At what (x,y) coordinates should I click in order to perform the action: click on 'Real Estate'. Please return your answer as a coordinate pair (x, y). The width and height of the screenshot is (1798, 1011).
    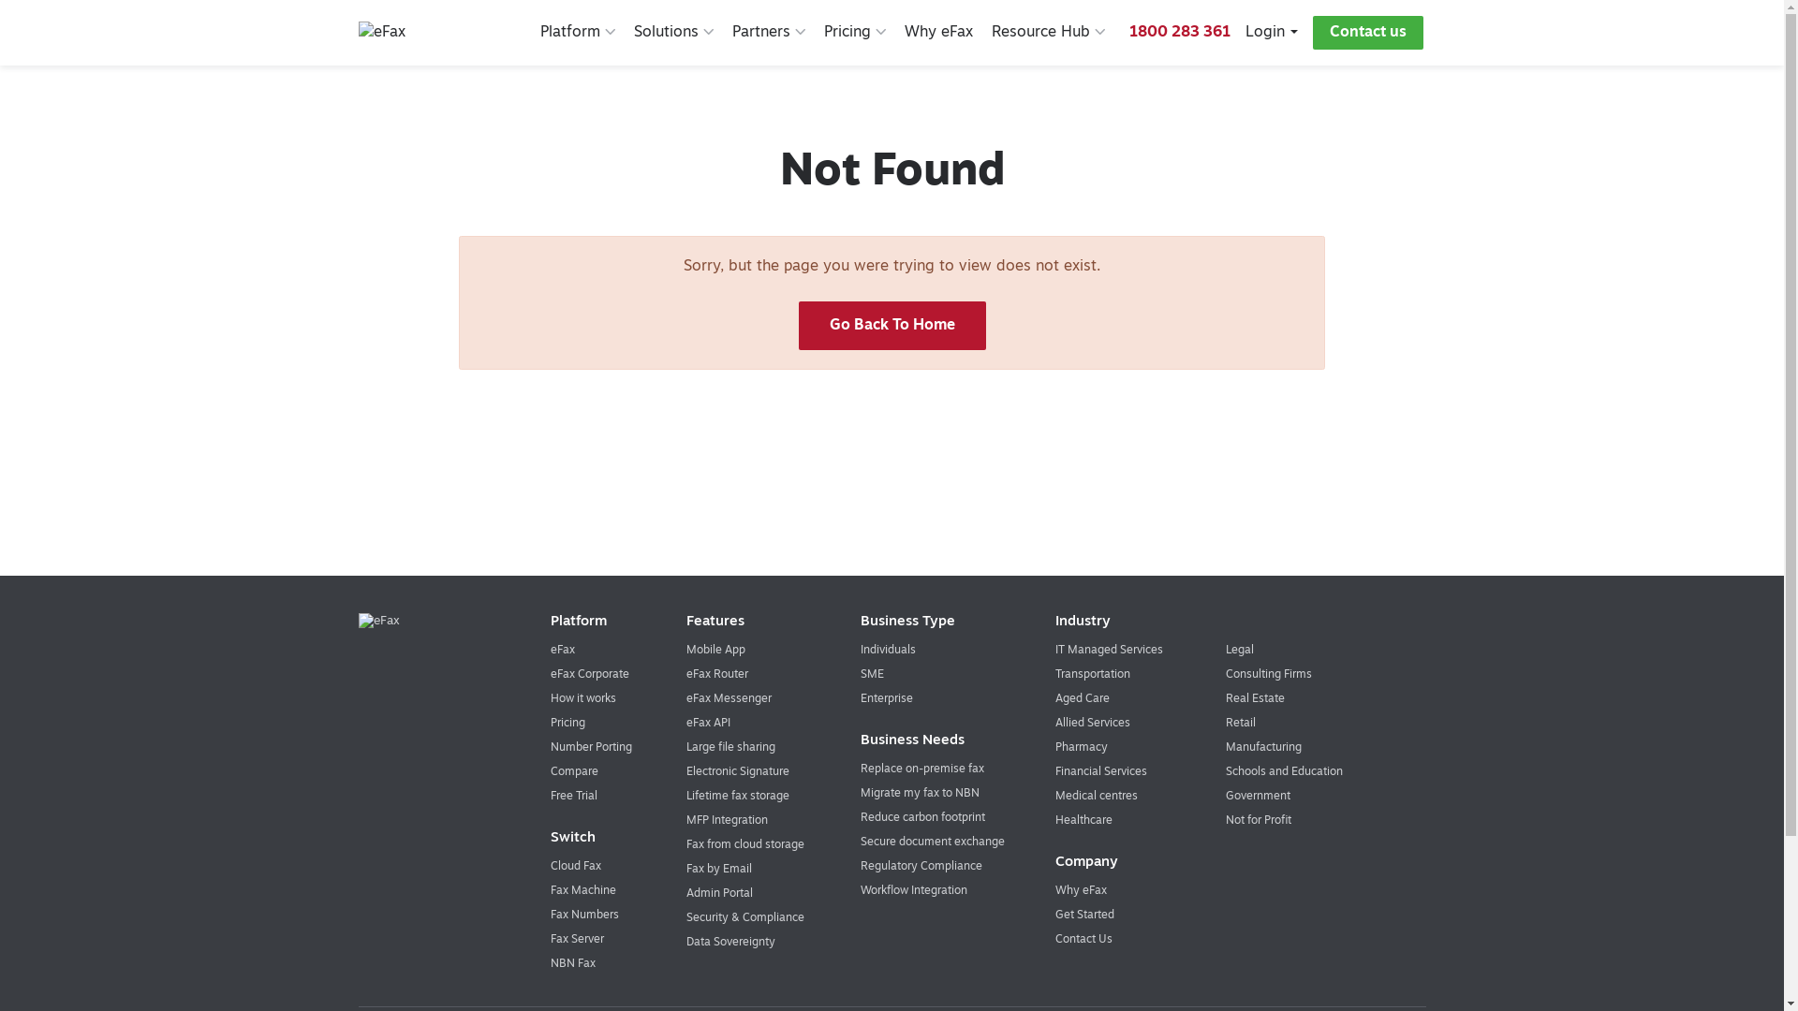
    Looking at the image, I should click on (1226, 699).